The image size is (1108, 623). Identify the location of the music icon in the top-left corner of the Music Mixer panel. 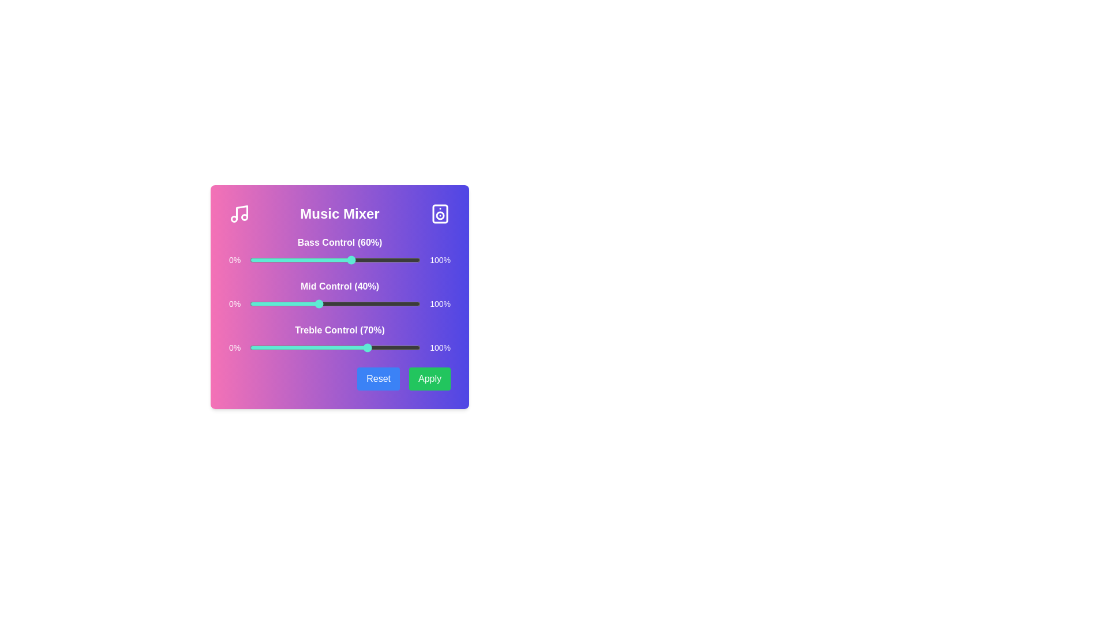
(238, 213).